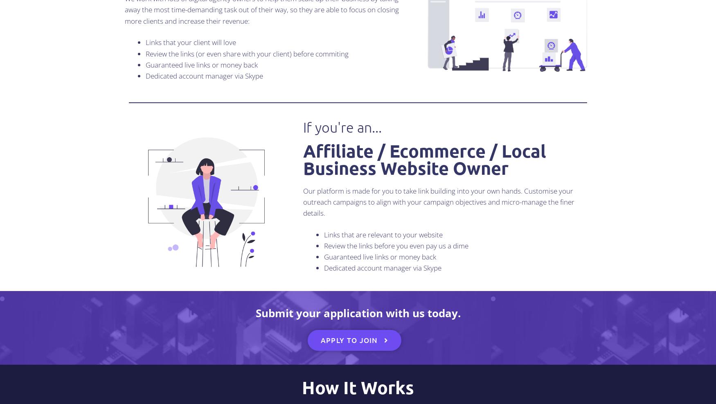  What do you see at coordinates (255, 312) in the screenshot?
I see `'Submit your application with us today.'` at bounding box center [255, 312].